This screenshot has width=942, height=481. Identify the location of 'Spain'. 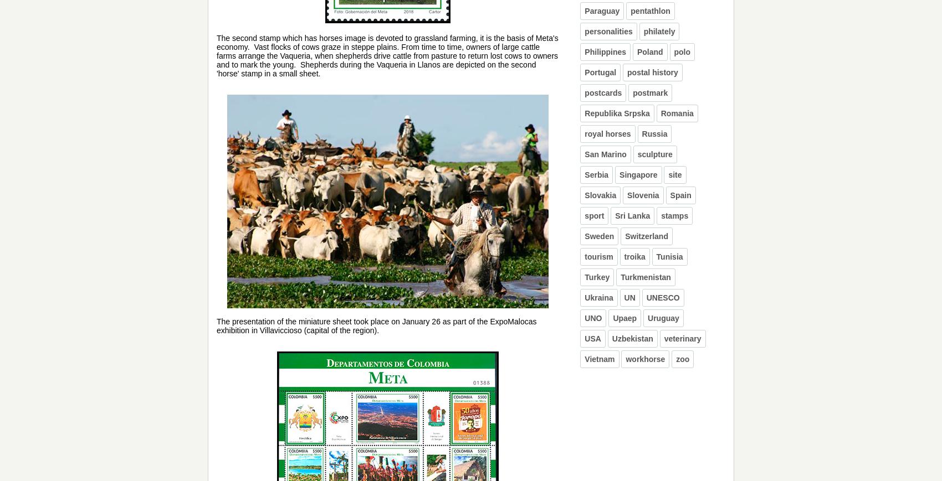
(680, 194).